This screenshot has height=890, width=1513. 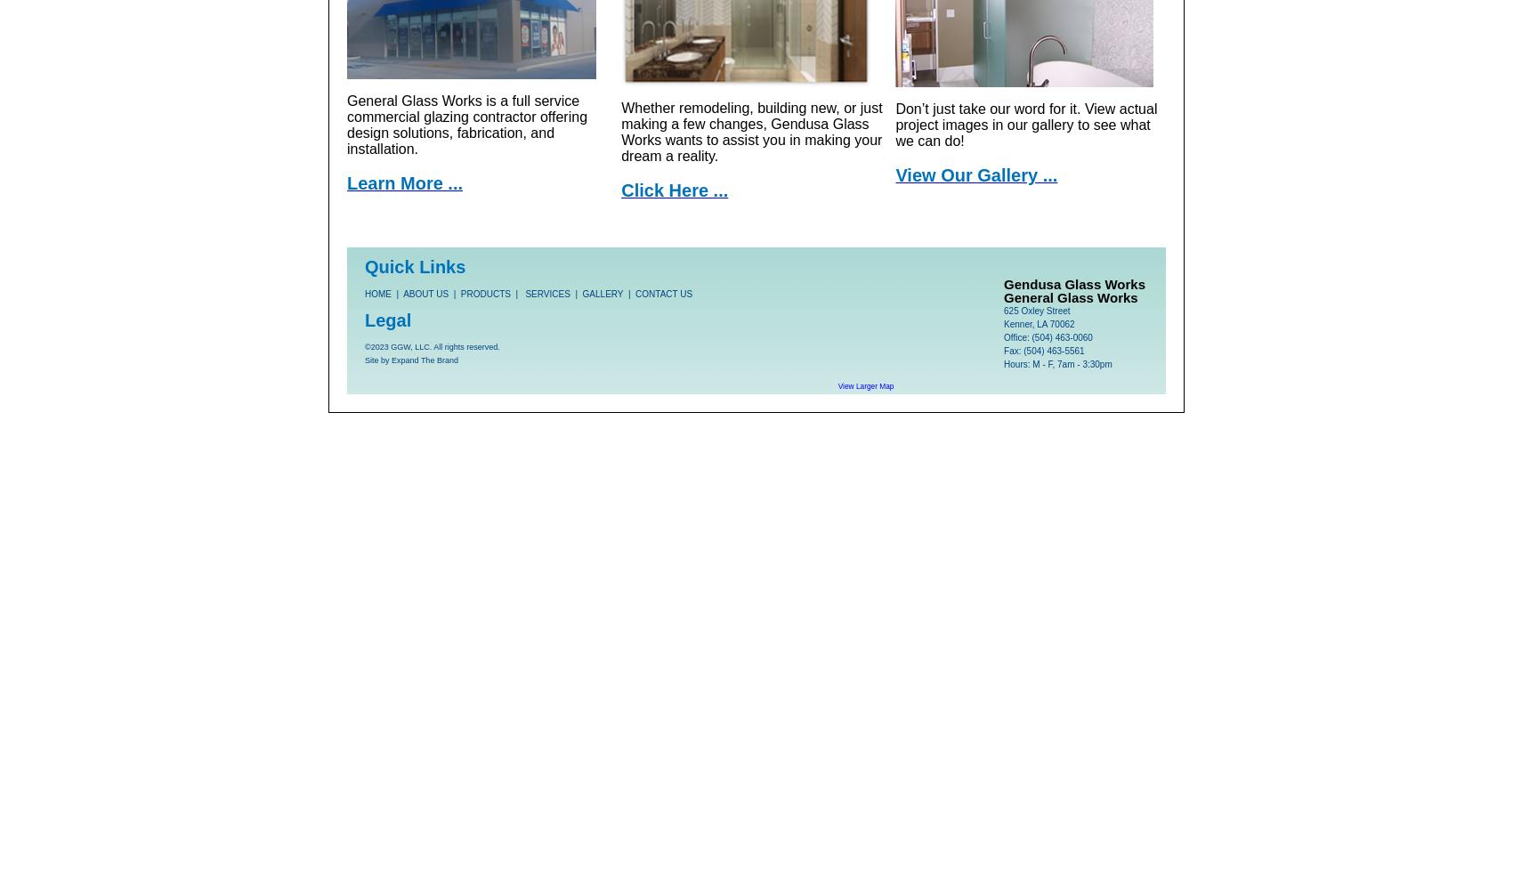 What do you see at coordinates (466, 124) in the screenshot?
I see `'General Glass Works is a full service commercial glazing contractor offering design solutions, fabrication, and installation.'` at bounding box center [466, 124].